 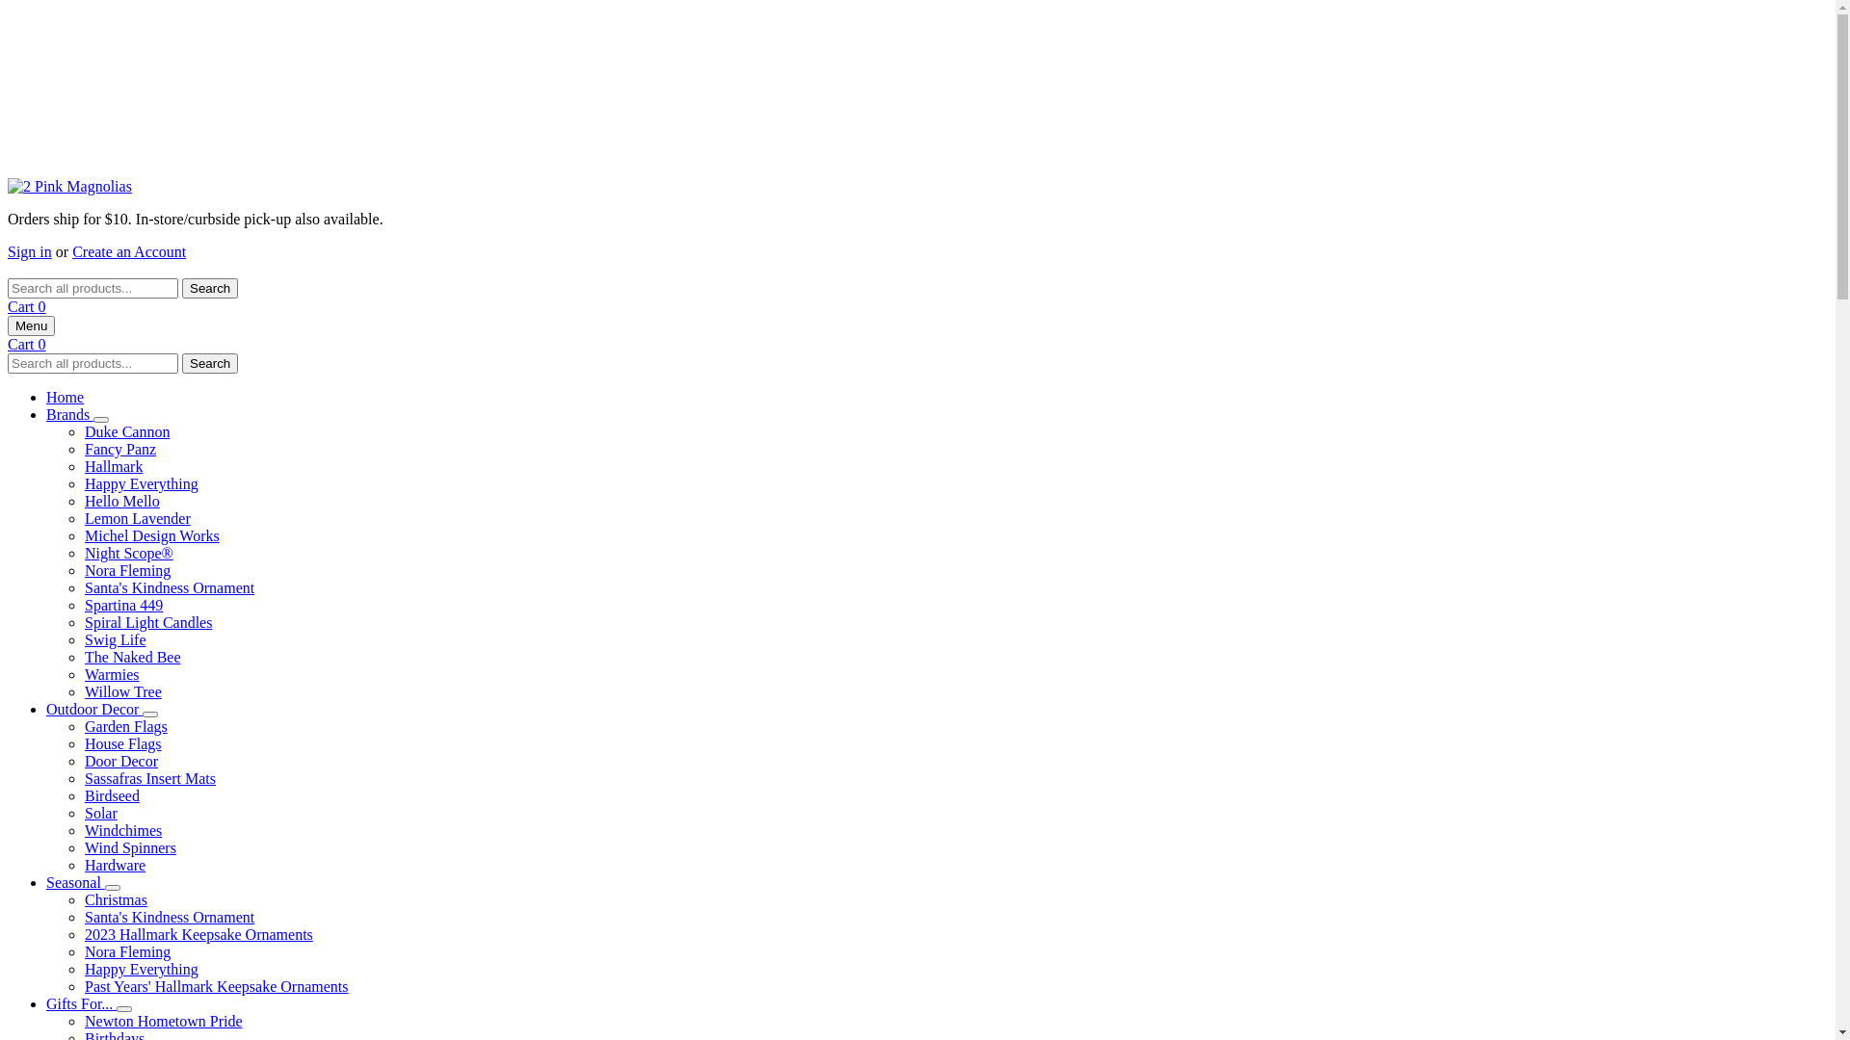 I want to click on 'Swig Life', so click(x=115, y=639).